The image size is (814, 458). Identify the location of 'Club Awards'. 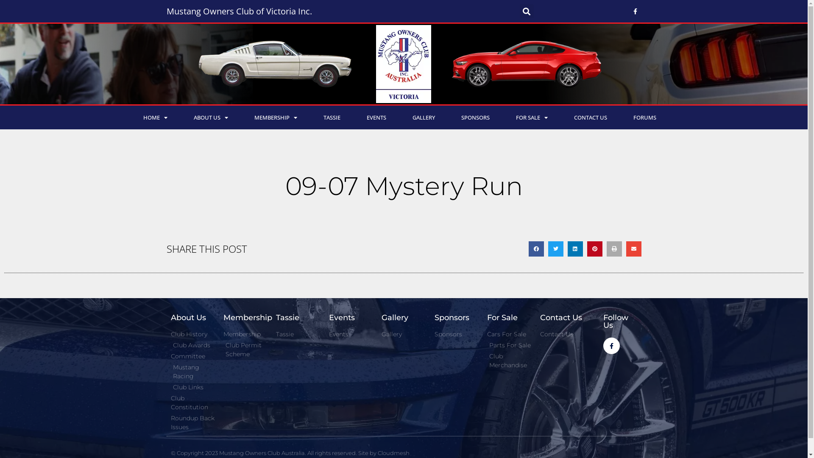
(192, 345).